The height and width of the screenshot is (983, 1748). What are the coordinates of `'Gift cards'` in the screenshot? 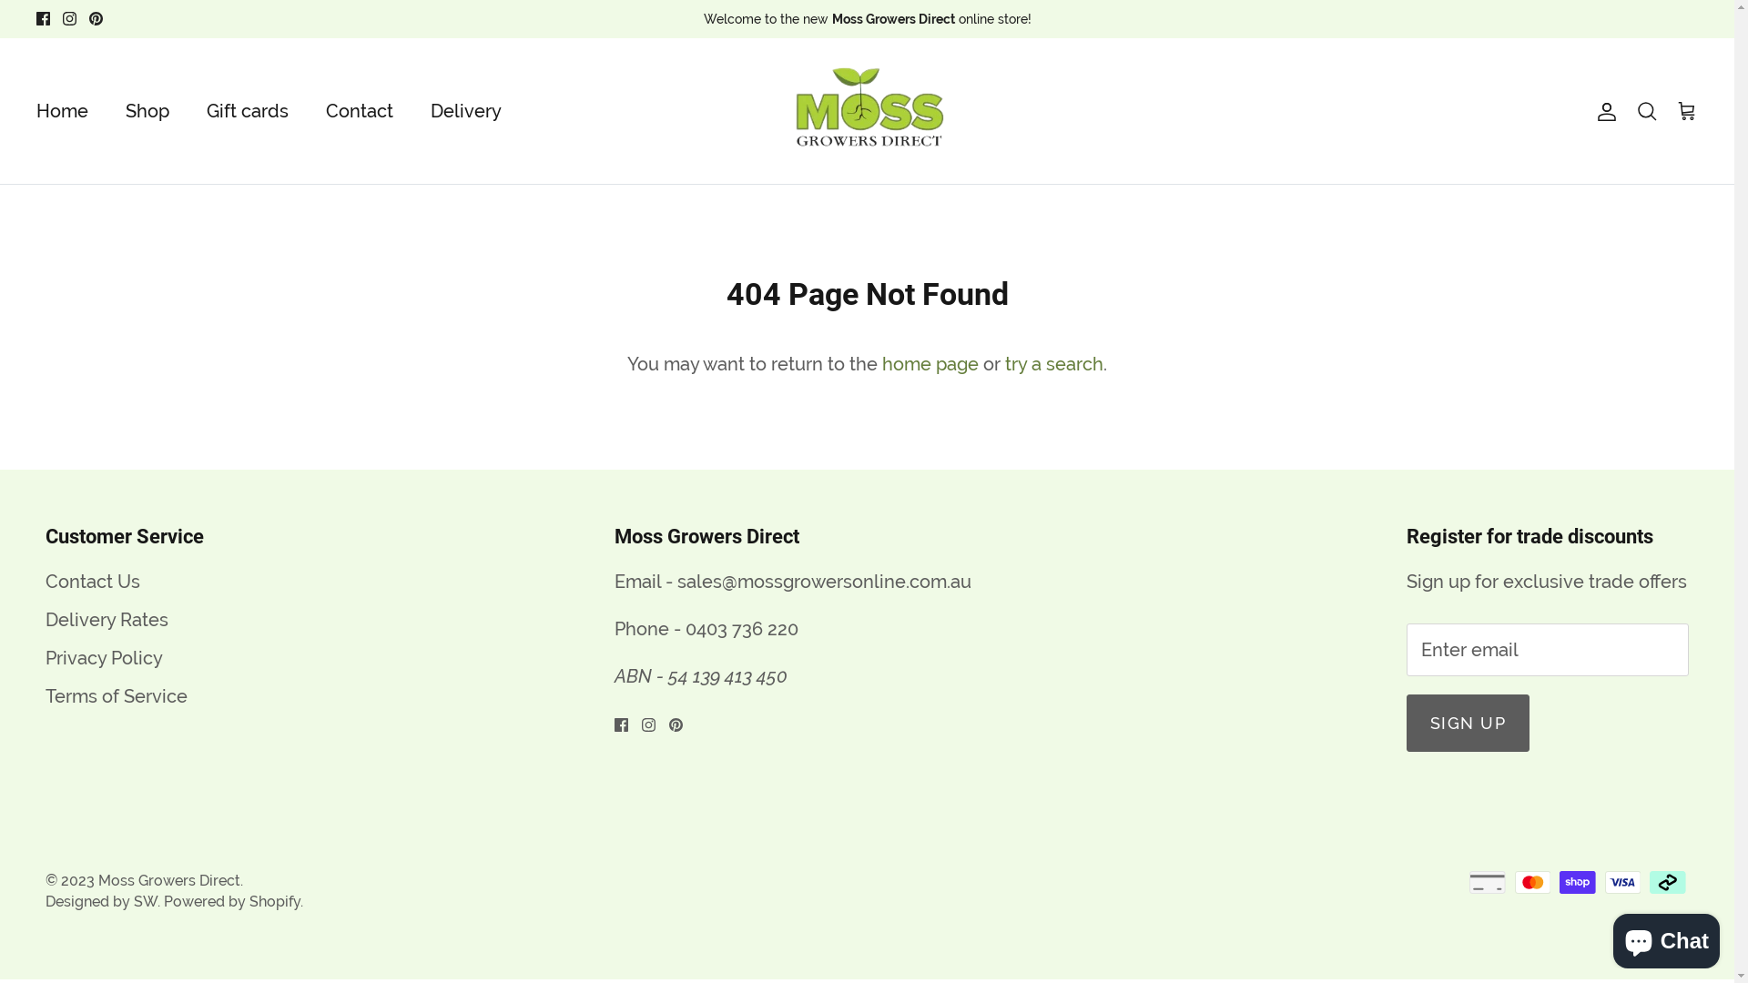 It's located at (247, 111).